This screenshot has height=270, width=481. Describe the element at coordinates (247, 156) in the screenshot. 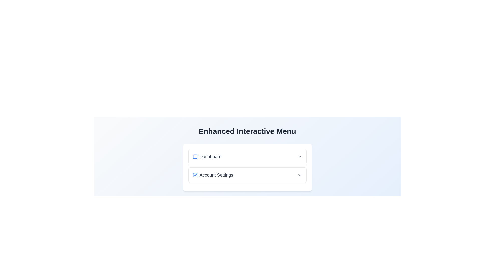

I see `the Interactive button with dropdown located at the top-center of the interface` at that location.